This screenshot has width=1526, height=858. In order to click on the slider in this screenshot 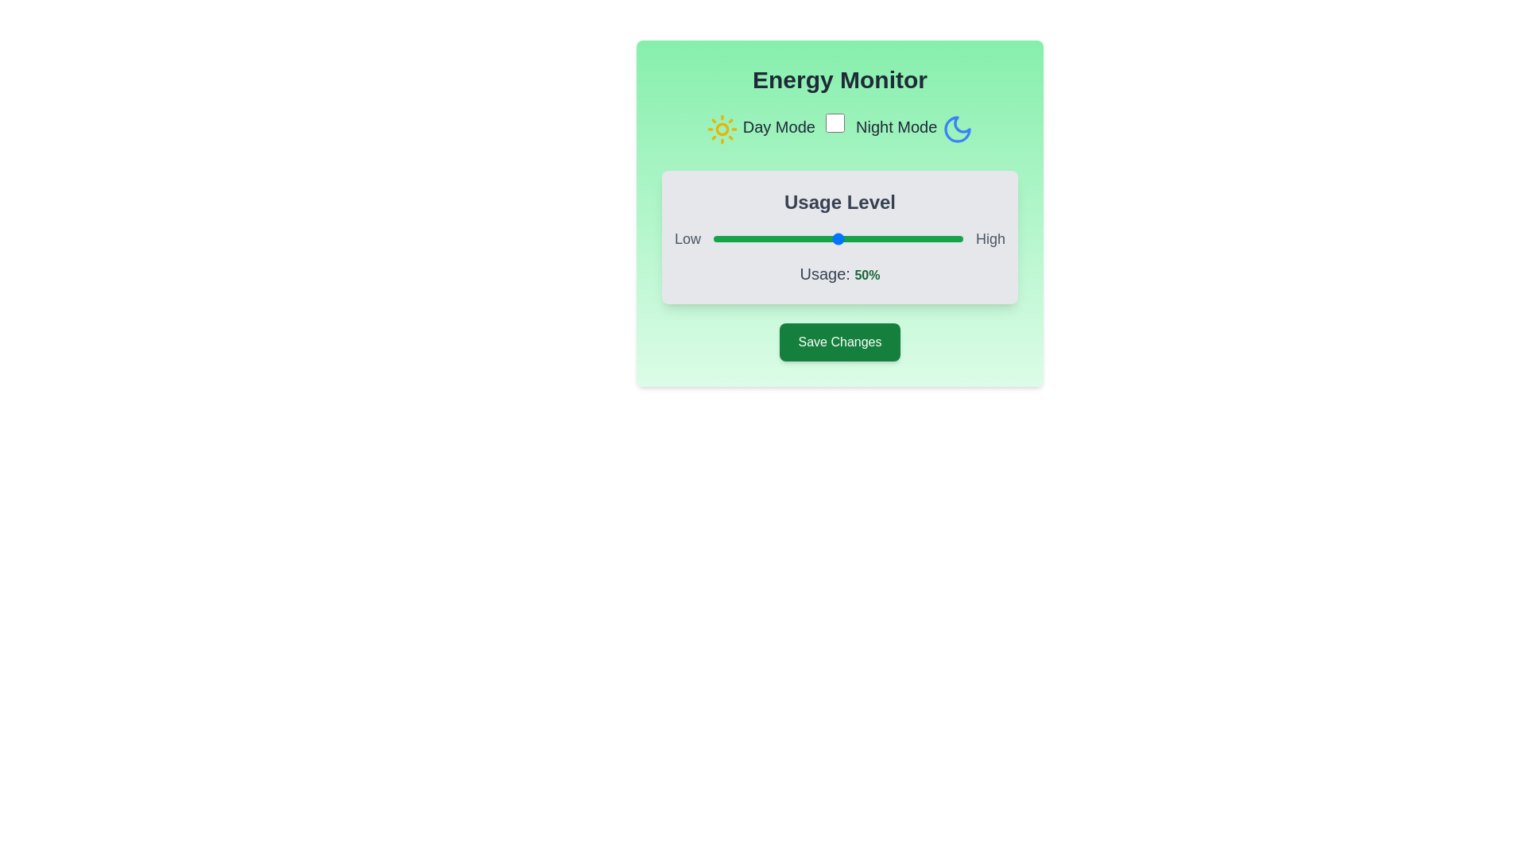, I will do `click(946, 238)`.